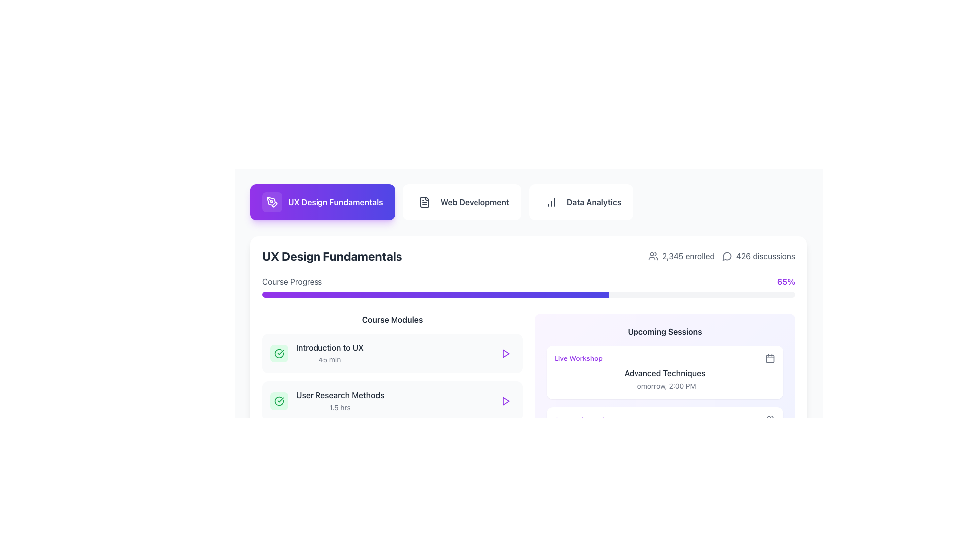 The image size is (954, 537). Describe the element at coordinates (340, 407) in the screenshot. I see `text label displaying '1.5 hrs' located below the 'User Research Methods' title in the course modules list` at that location.